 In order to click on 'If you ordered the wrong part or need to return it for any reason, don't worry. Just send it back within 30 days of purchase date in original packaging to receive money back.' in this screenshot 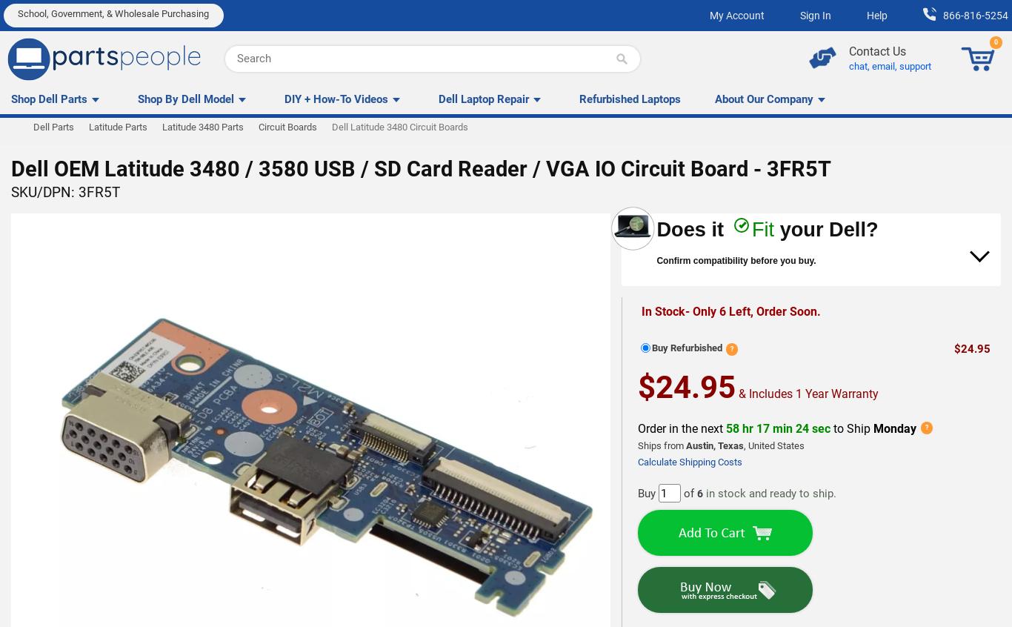, I will do `click(456, 126)`.